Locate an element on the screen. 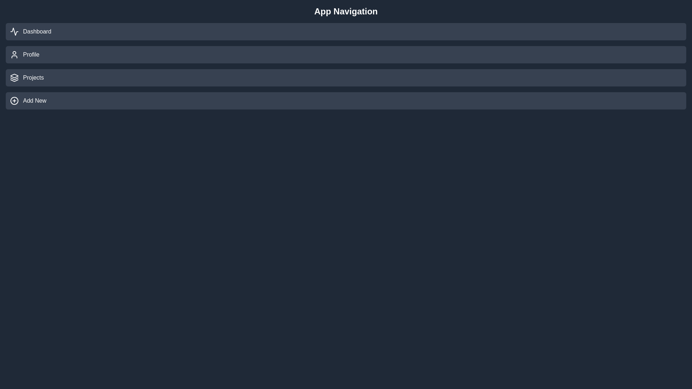  the circular graphic that is part of the 'circle-plus' icon by highlighting it is located at coordinates (14, 101).